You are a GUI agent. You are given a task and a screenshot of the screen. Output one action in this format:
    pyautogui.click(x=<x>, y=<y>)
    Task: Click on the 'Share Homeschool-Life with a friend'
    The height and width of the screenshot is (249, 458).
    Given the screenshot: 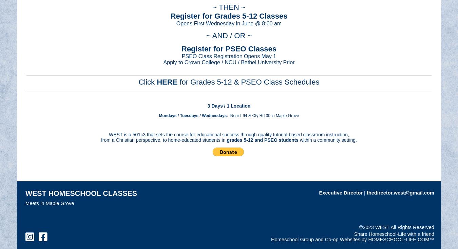 What is the action you would take?
    pyautogui.click(x=394, y=234)
    